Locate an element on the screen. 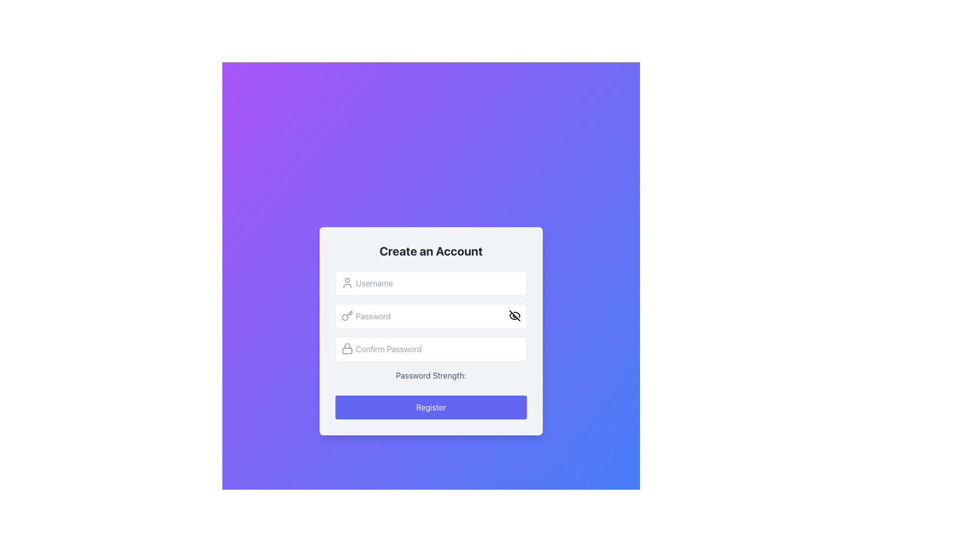 The image size is (957, 538). the label that indicates the password strength of the subsequent component located beneath the password confirmation field is located at coordinates (431, 375).